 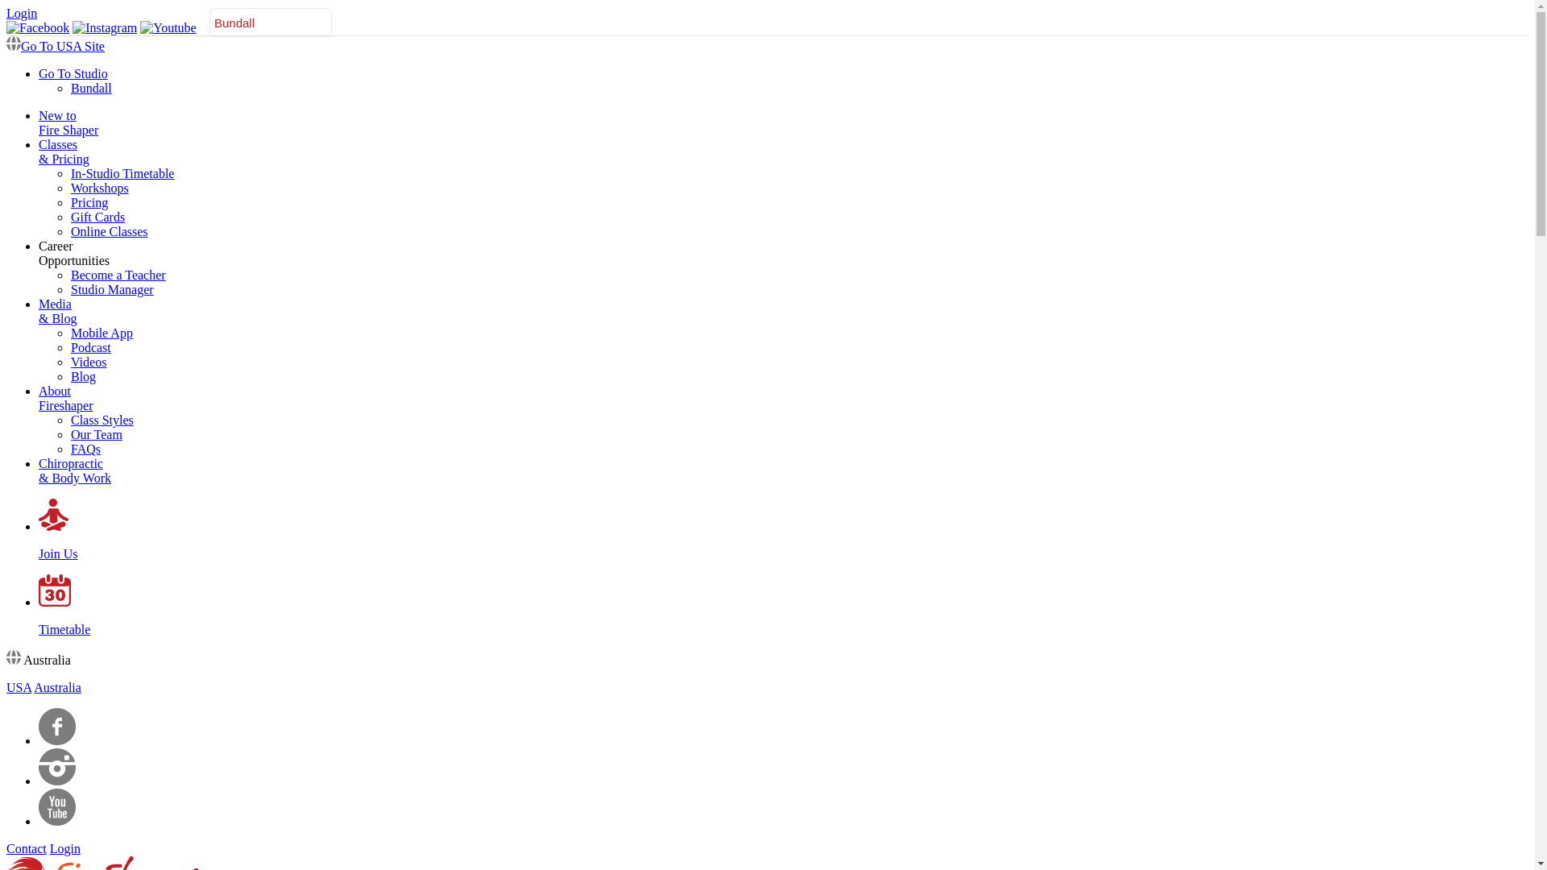 I want to click on 'Chiropractic, so click(x=73, y=470).